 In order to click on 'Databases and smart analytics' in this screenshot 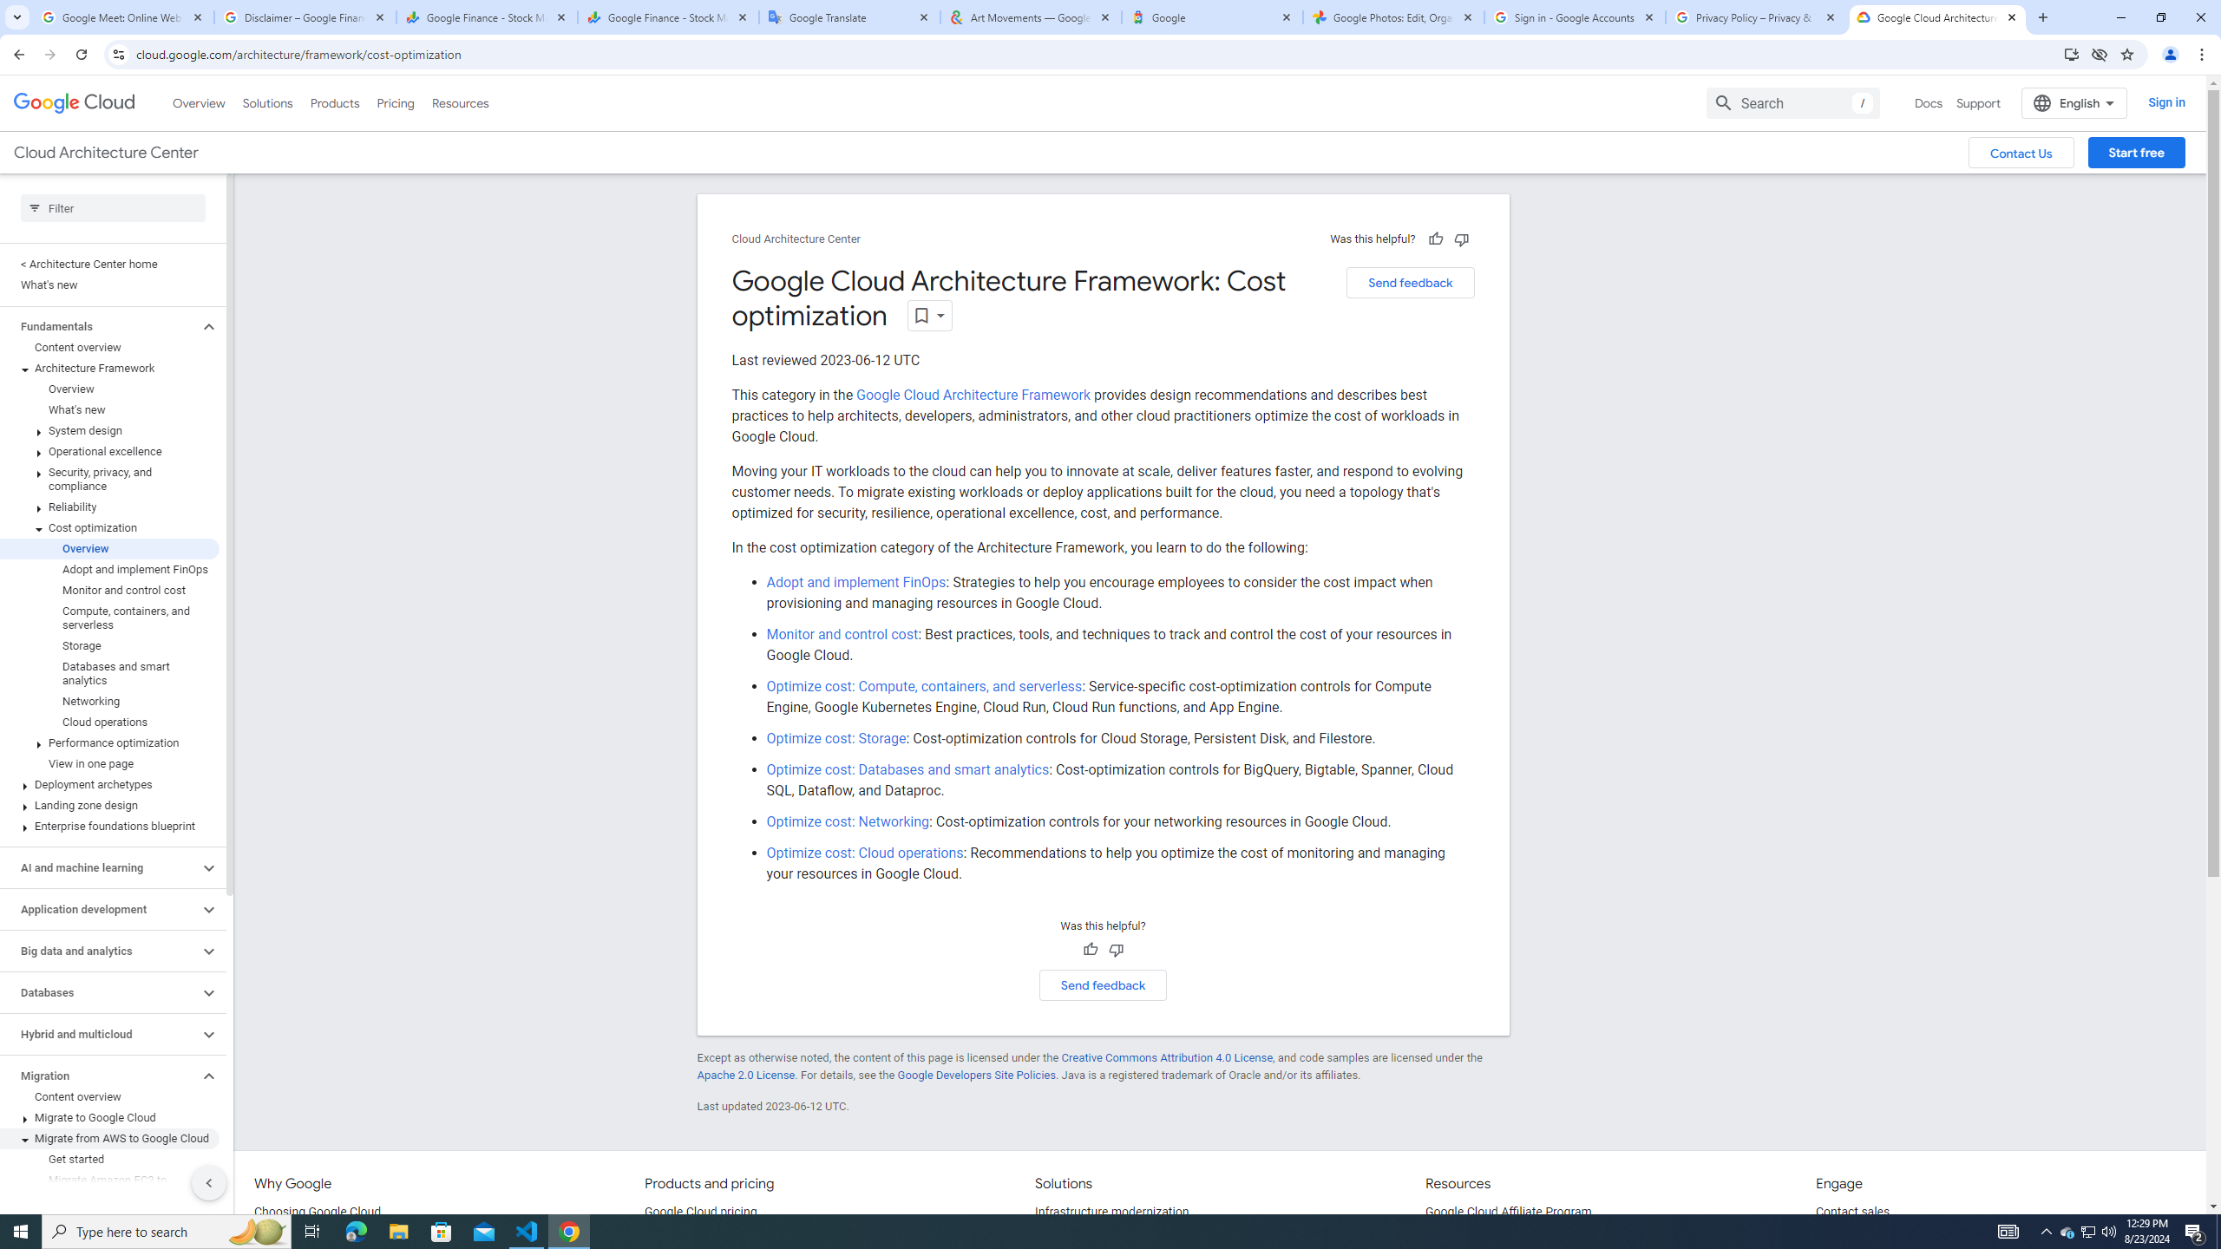, I will do `click(109, 672)`.